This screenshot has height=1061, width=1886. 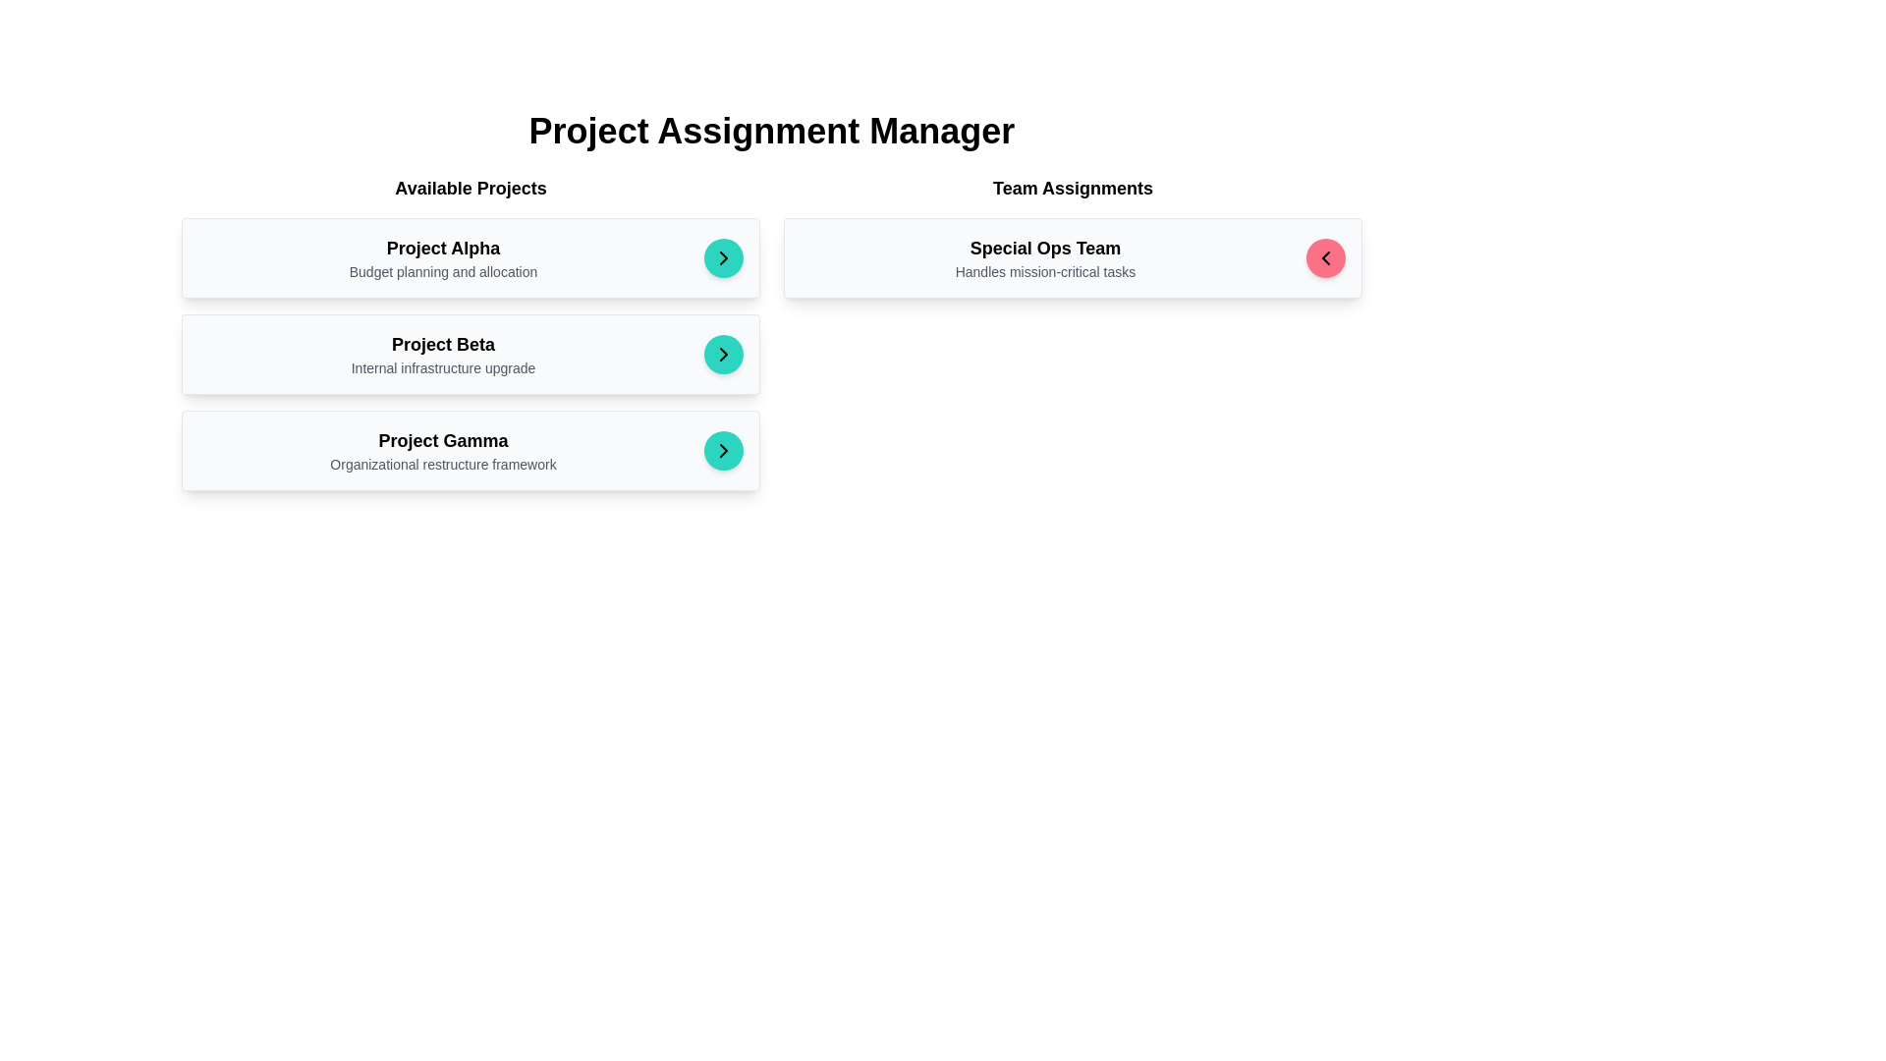 I want to click on the text label that serves as the header for the project in the 'Available Projects' section, located above the descriptive text 'Budget planning and allocation', so click(x=442, y=248).